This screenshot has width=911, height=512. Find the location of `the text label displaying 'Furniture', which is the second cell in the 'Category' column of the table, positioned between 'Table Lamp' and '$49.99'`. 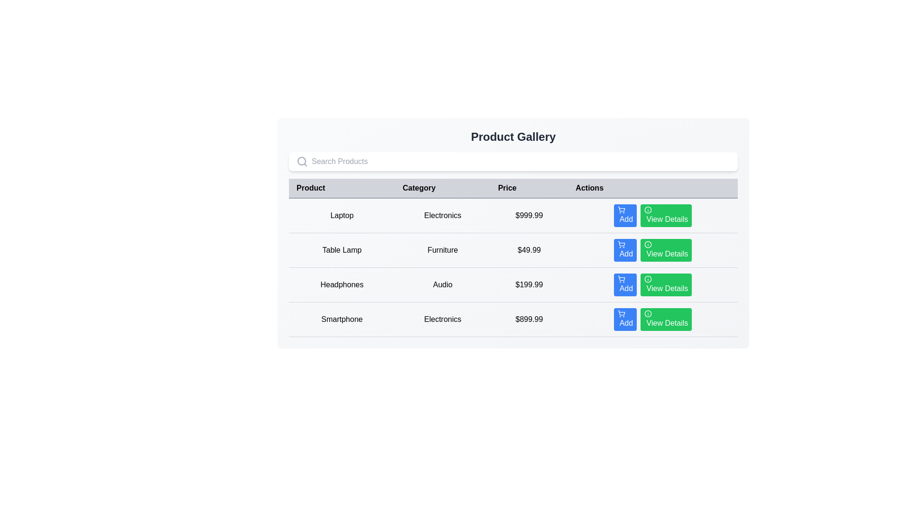

the text label displaying 'Furniture', which is the second cell in the 'Category' column of the table, positioned between 'Table Lamp' and '$49.99' is located at coordinates (442, 250).